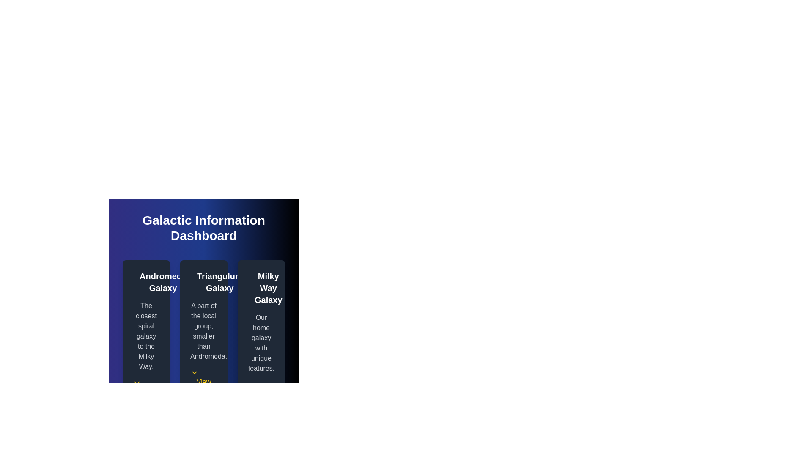  Describe the element at coordinates (203, 331) in the screenshot. I see `the informative text label about the Triangulum Galaxy, which is located below the title and above the 'View Details' button in the second card from the left` at that location.